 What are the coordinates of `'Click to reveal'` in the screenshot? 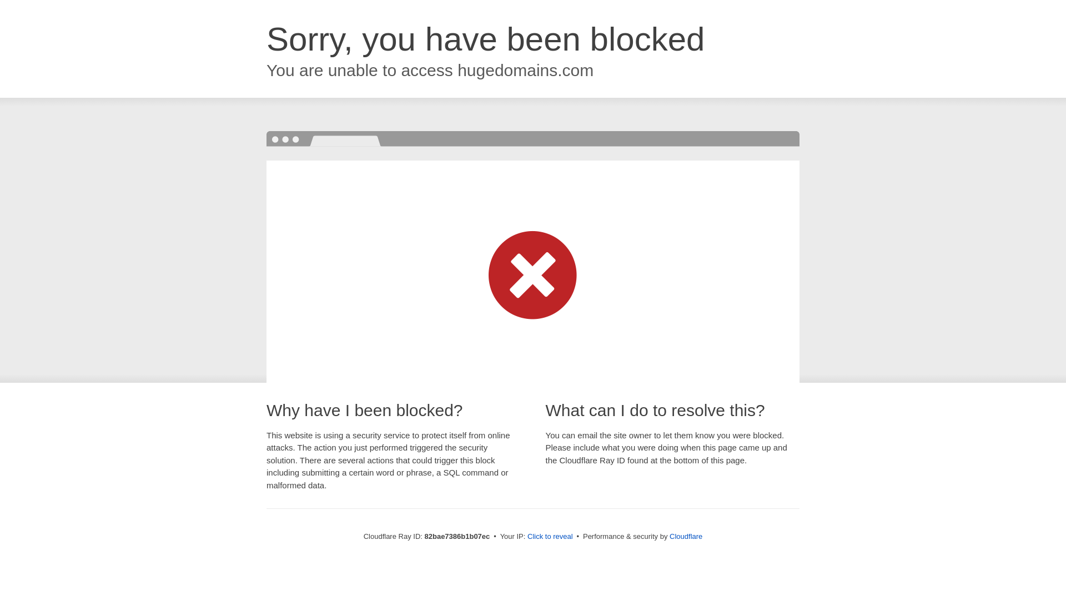 It's located at (550, 536).